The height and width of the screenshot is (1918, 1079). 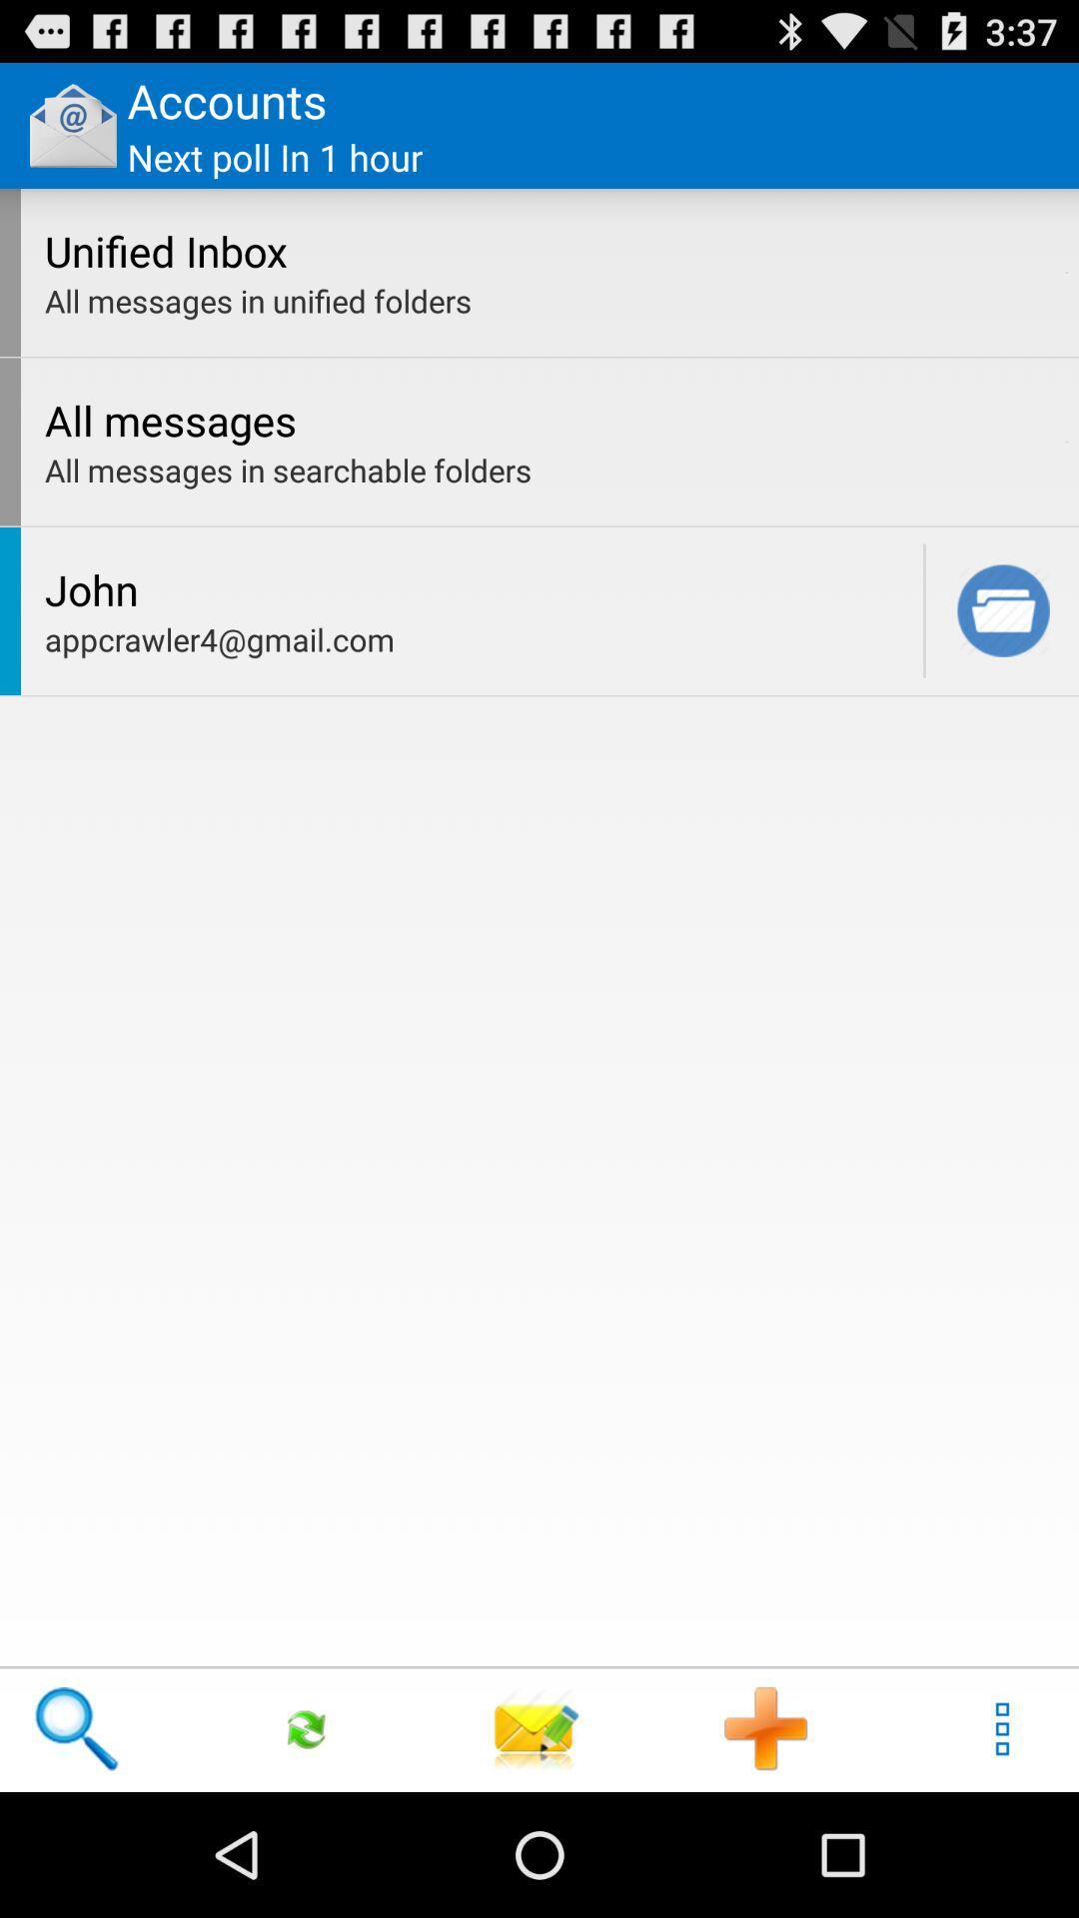 I want to click on the app to the right of the john app, so click(x=924, y=609).